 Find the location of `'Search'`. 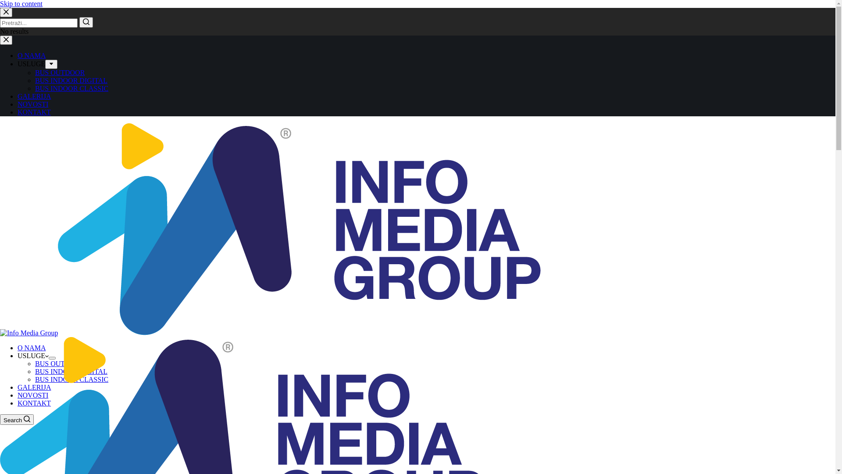

'Search' is located at coordinates (0, 419).